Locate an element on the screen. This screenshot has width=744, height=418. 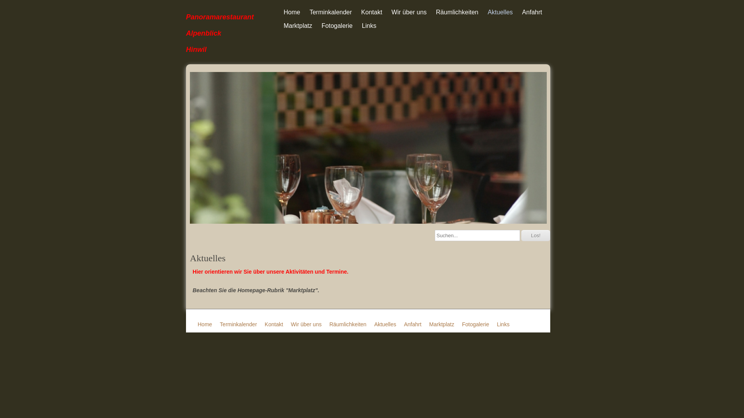
'Terminkalender' is located at coordinates (219, 324).